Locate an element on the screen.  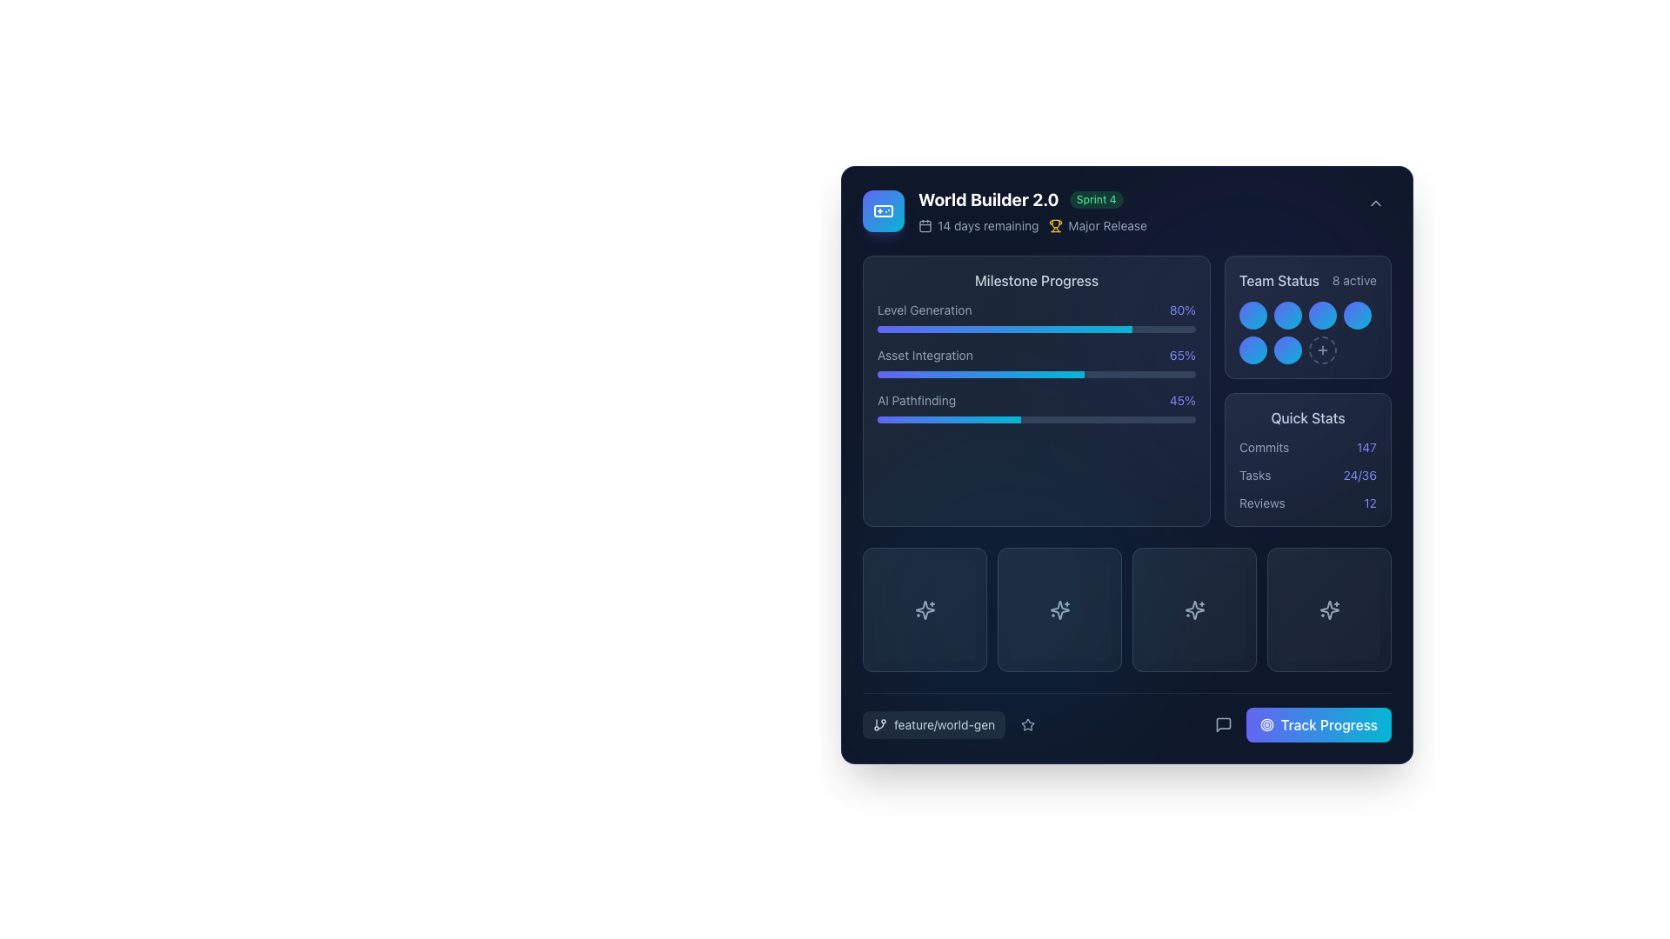
text label and count segment of the third review count component located in the 'Quick Stats' section at the bottom-right of the layout is located at coordinates (1307, 503).